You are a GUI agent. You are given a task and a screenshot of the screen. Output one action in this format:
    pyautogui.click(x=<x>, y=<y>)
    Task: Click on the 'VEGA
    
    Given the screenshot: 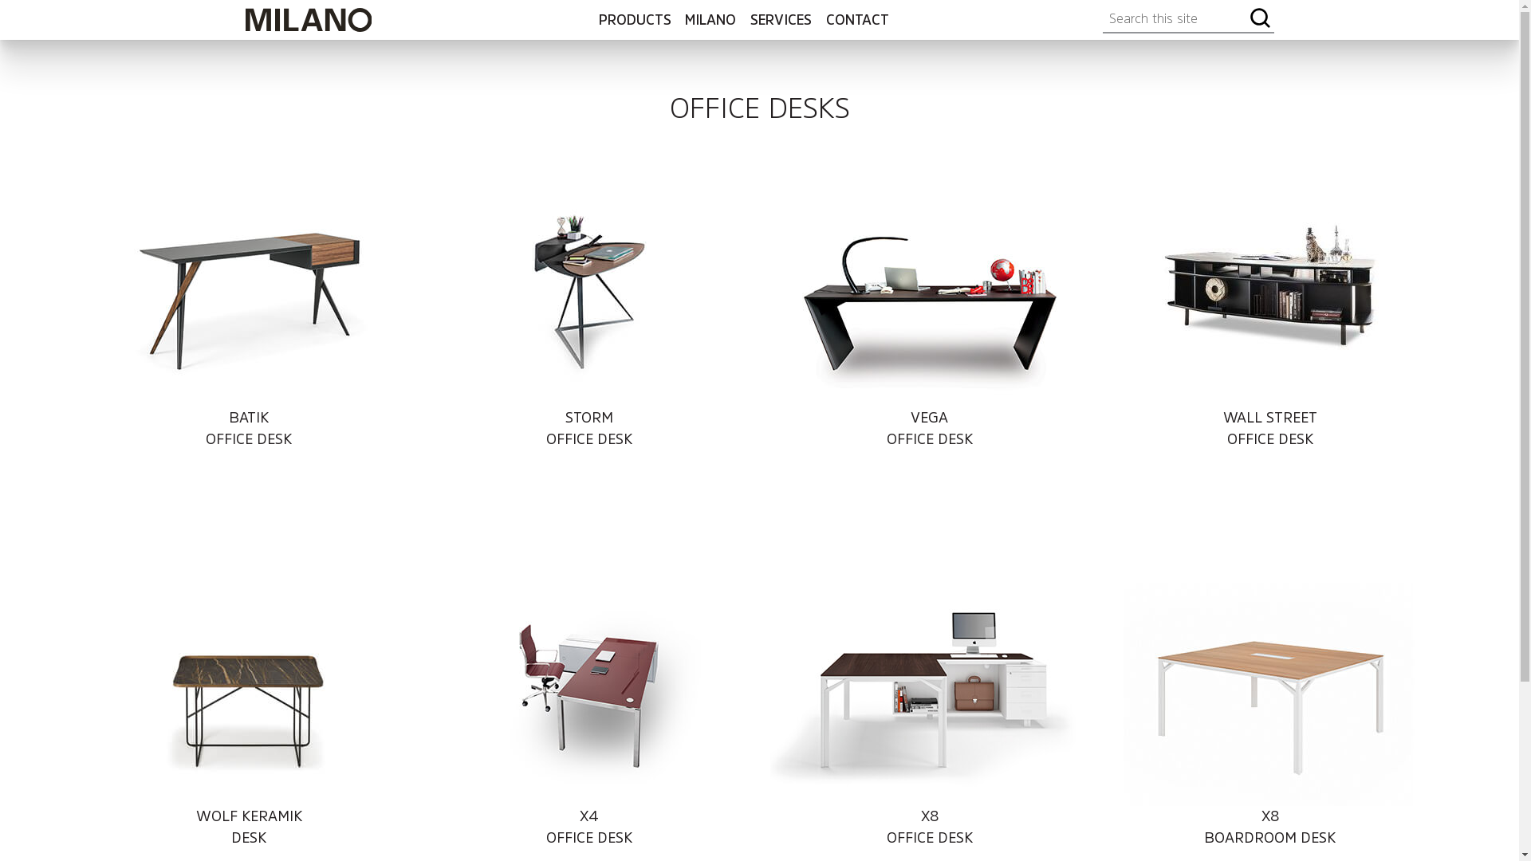 What is the action you would take?
    pyautogui.click(x=930, y=327)
    